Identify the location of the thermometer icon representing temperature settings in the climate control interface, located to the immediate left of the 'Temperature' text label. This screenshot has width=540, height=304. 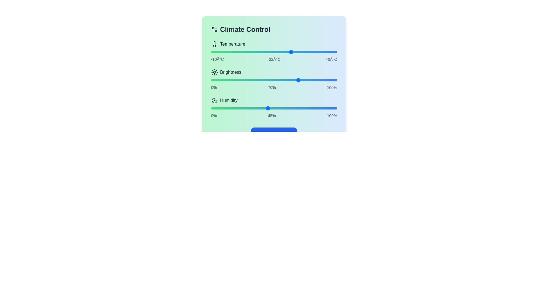
(214, 44).